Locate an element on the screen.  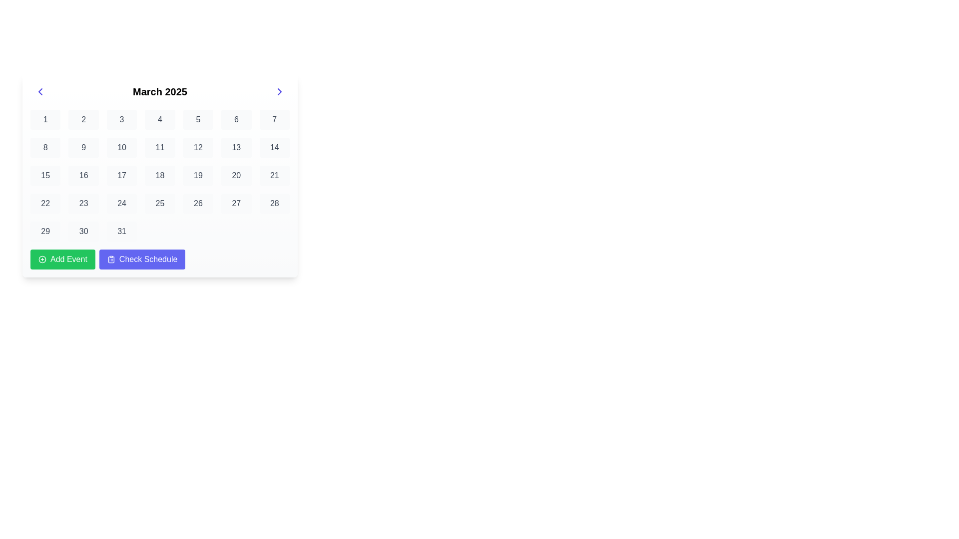
the button displaying the number '17' located in the third row and third column of a grid beneath the title 'March 2025' is located at coordinates (121, 175).